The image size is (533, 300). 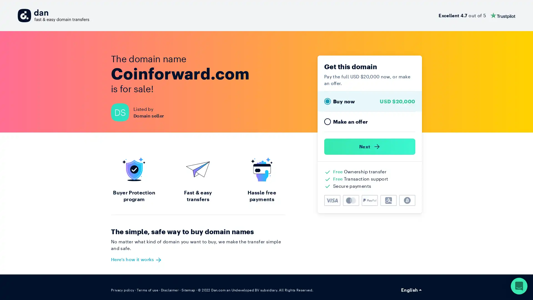 What do you see at coordinates (519, 286) in the screenshot?
I see `Open Intercom Messenger` at bounding box center [519, 286].